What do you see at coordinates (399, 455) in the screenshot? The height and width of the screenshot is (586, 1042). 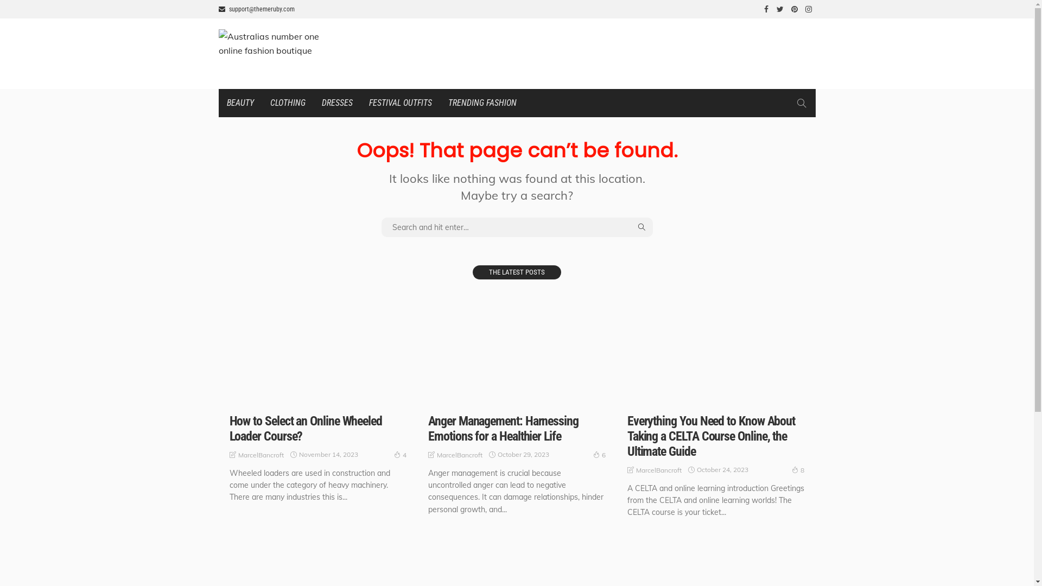 I see `'4'` at bounding box center [399, 455].